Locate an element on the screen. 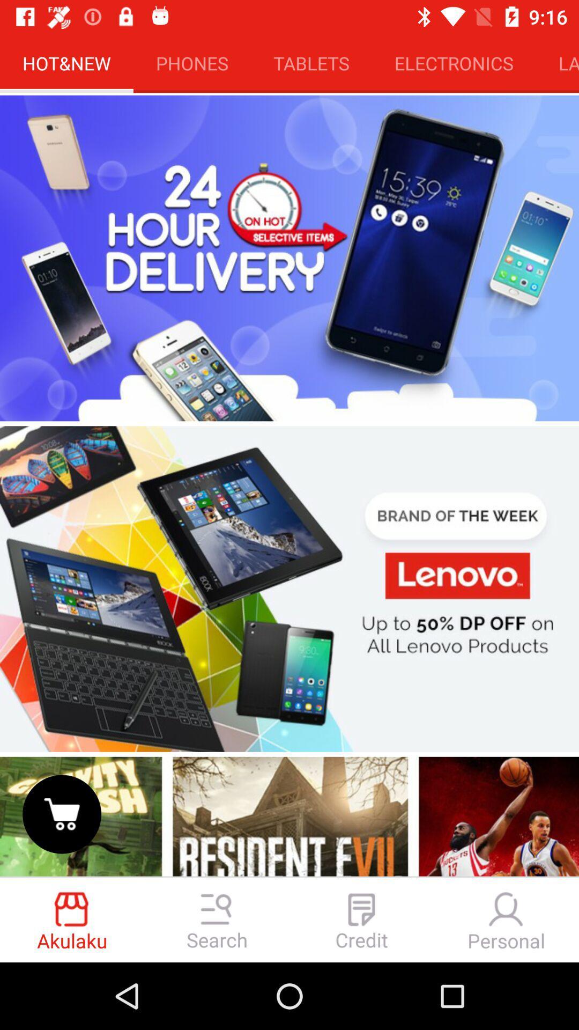  shows pictures is located at coordinates (289, 815).